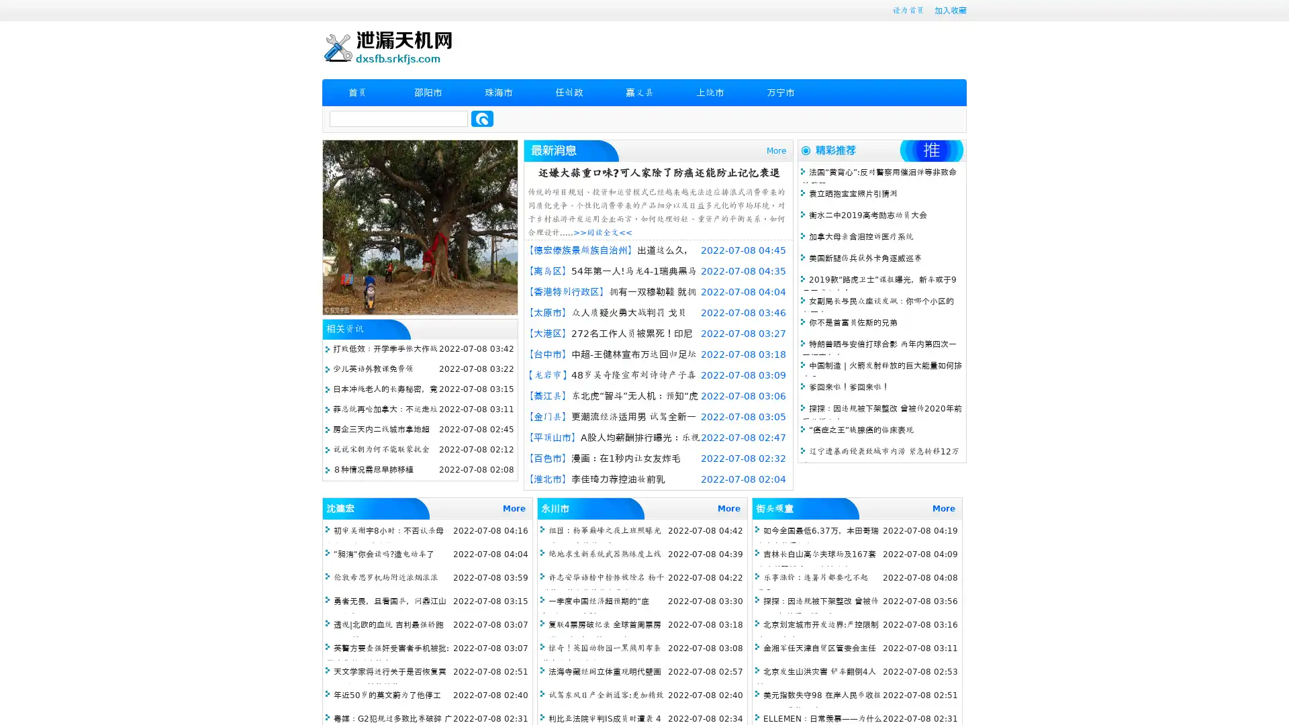 This screenshot has width=1289, height=725. Describe the element at coordinates (482, 118) in the screenshot. I see `Search` at that location.